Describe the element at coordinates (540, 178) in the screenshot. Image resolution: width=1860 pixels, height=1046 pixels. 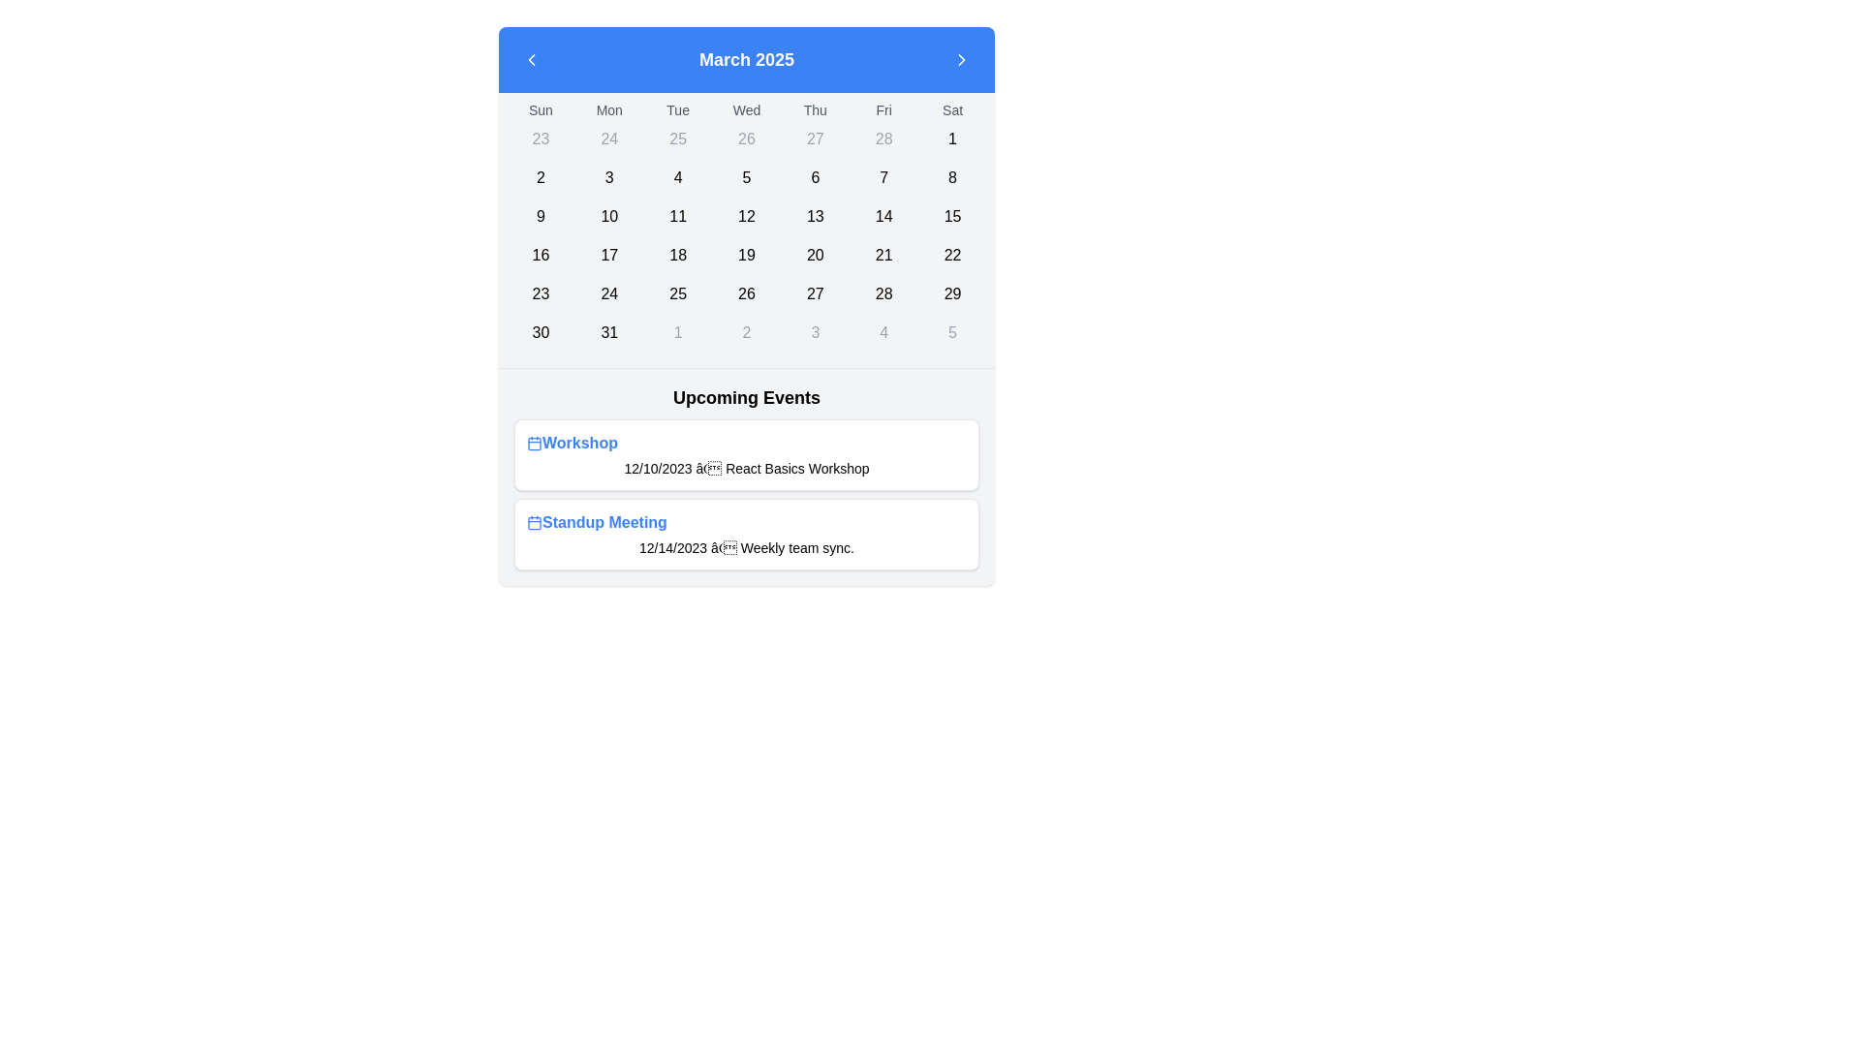
I see `the calendar day button located in the second cell of the second row, directly below the header 'Sun', next to numbers '1' and '3'` at that location.